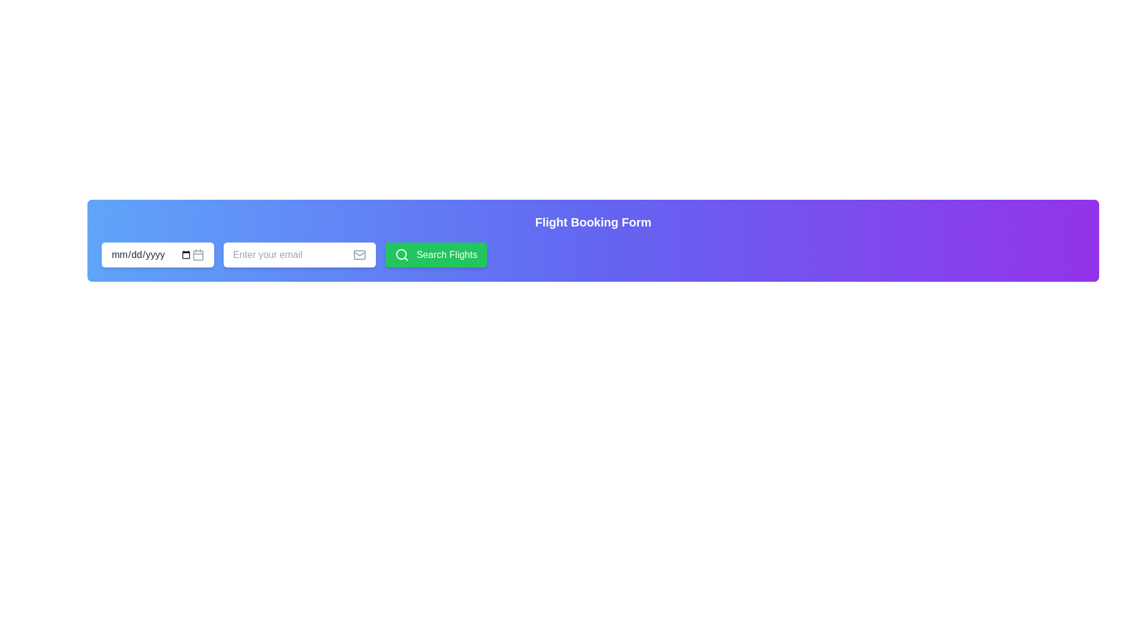 The image size is (1142, 642). Describe the element at coordinates (293, 254) in the screenshot. I see `the email input field, which is a borderless text input designed for entering email addresses with a placeholder text 'Enter your email'` at that location.